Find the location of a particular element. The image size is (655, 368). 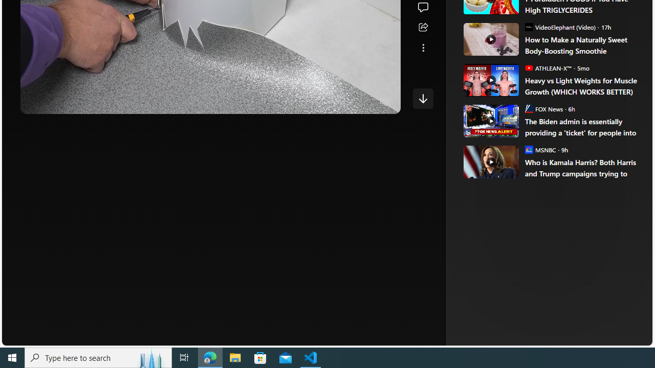

'FOX News FOX News' is located at coordinates (543, 108).